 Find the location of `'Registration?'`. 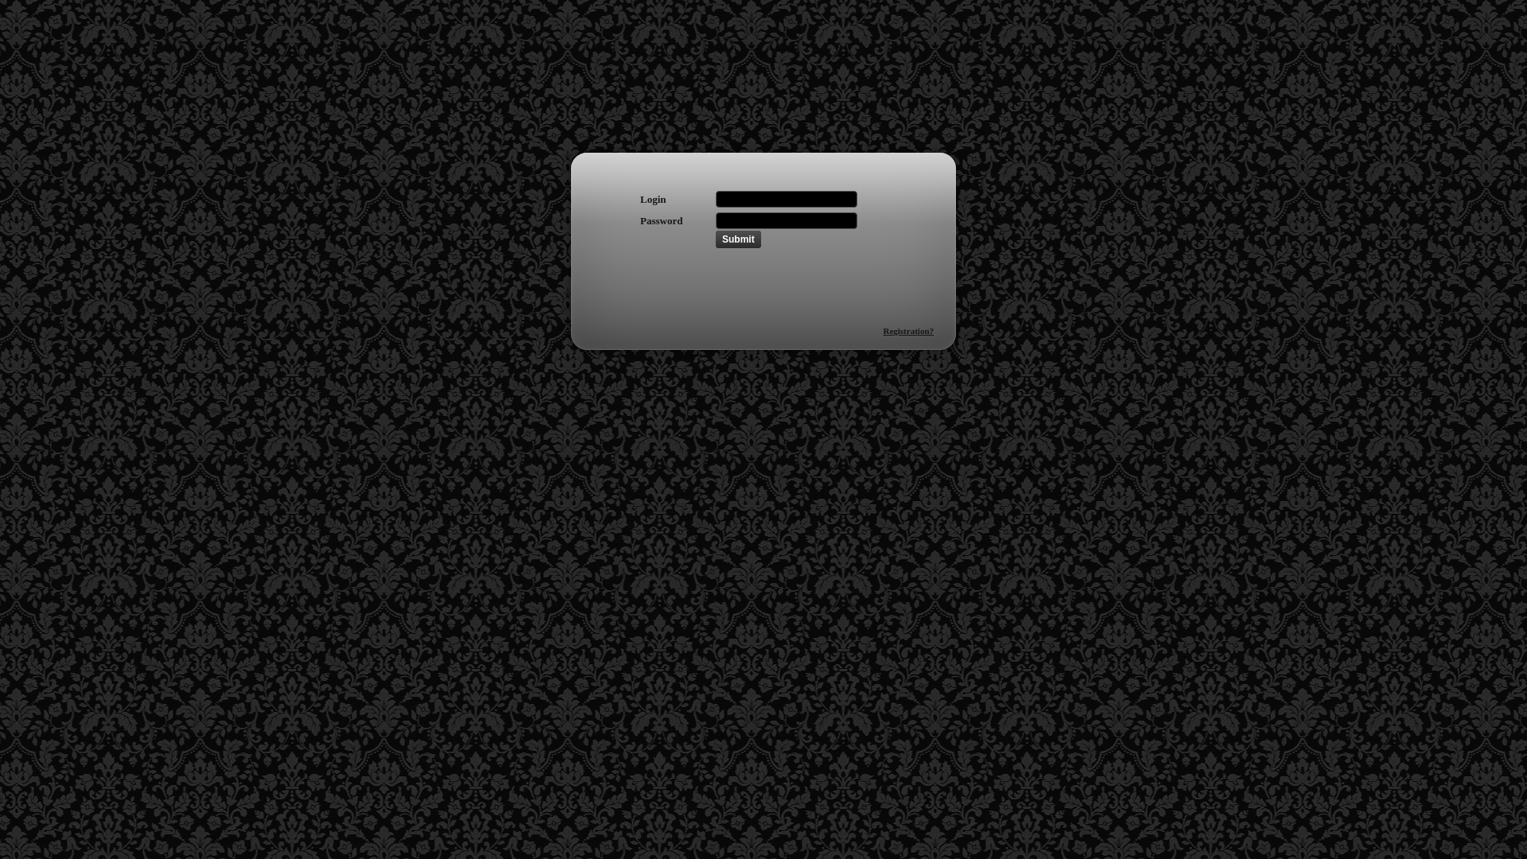

'Registration?' is located at coordinates (908, 330).